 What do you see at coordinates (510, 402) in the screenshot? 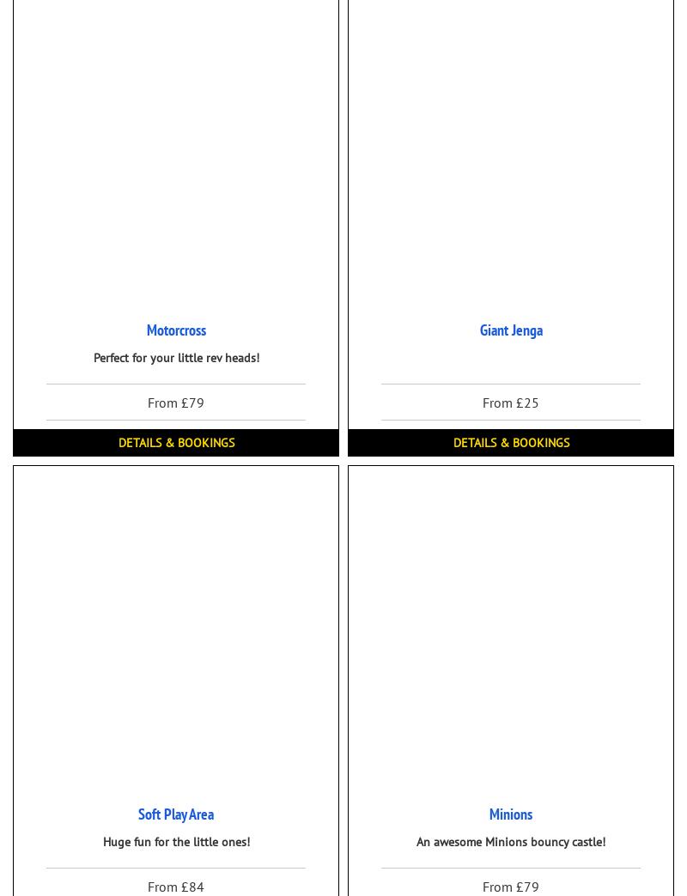
I see `'From £25'` at bounding box center [510, 402].